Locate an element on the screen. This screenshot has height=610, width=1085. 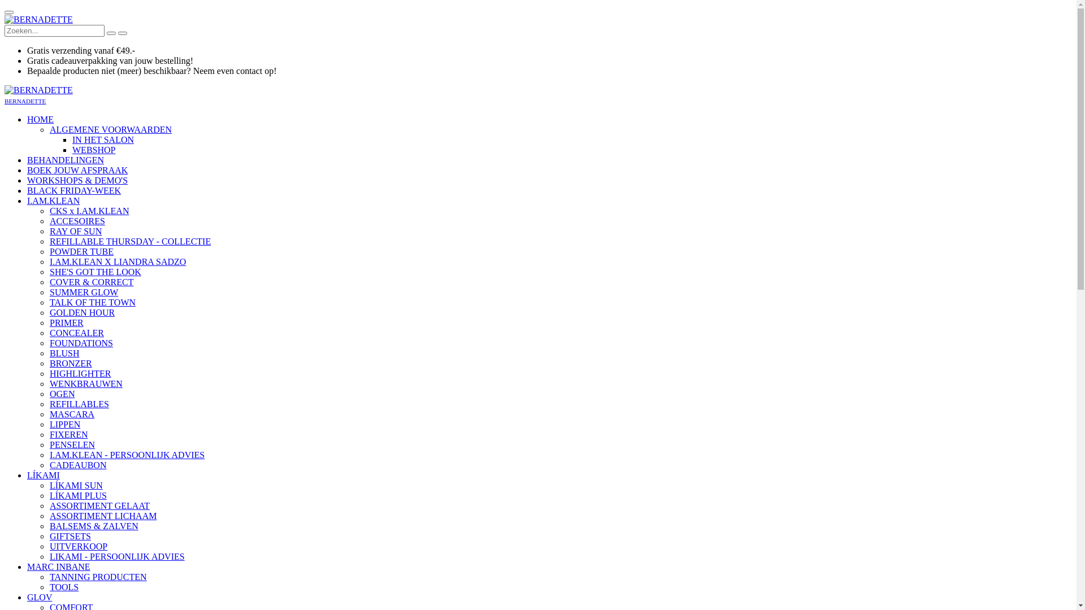
'GLOV' is located at coordinates (40, 596).